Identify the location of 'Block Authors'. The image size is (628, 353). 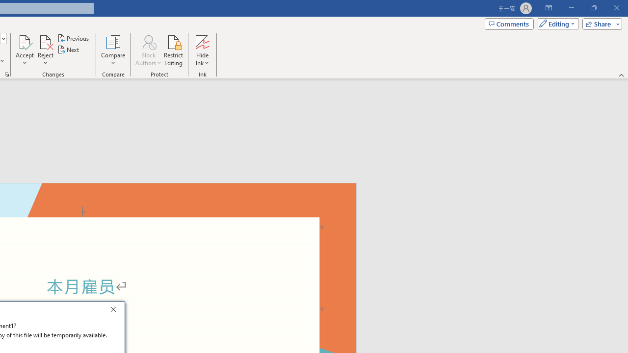
(148, 41).